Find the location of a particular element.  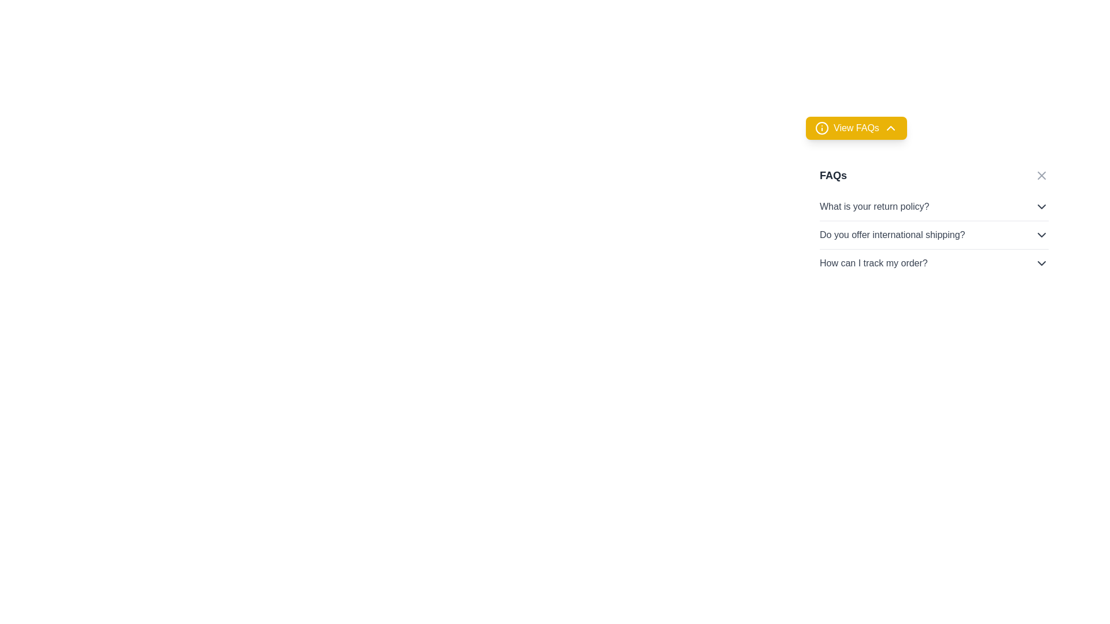

the upward-pointing chevron icon located to the right of the 'View FAQs' text inside the yellow button is located at coordinates (890, 128).